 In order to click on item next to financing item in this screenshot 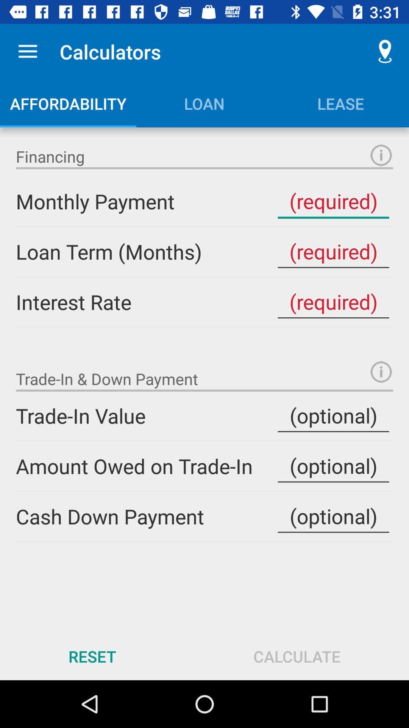, I will do `click(381, 155)`.